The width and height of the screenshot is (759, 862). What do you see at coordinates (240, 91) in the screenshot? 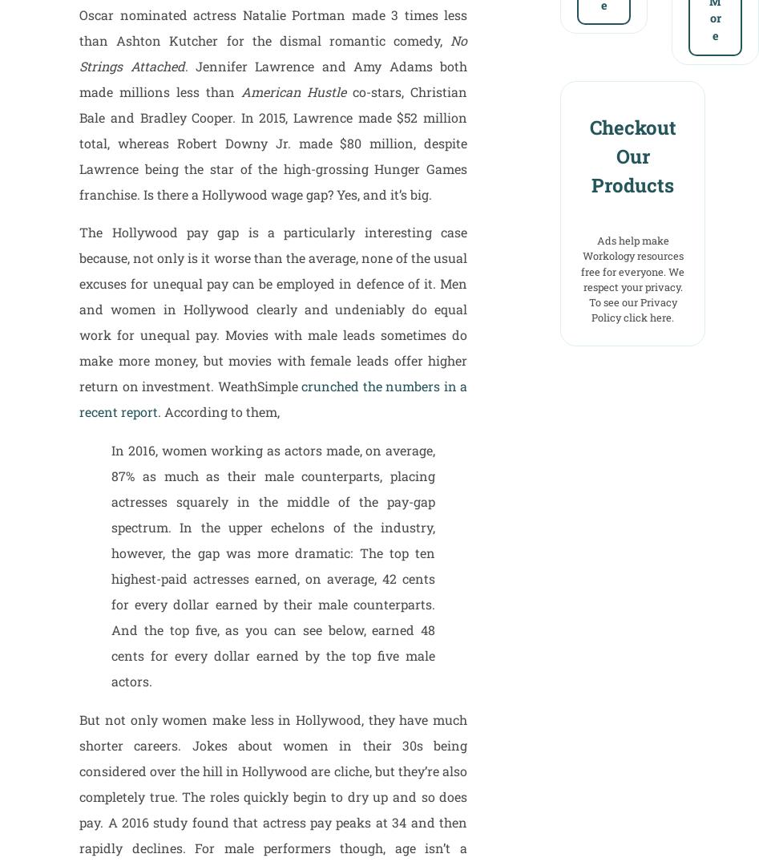
I see `'American Hustle'` at bounding box center [240, 91].